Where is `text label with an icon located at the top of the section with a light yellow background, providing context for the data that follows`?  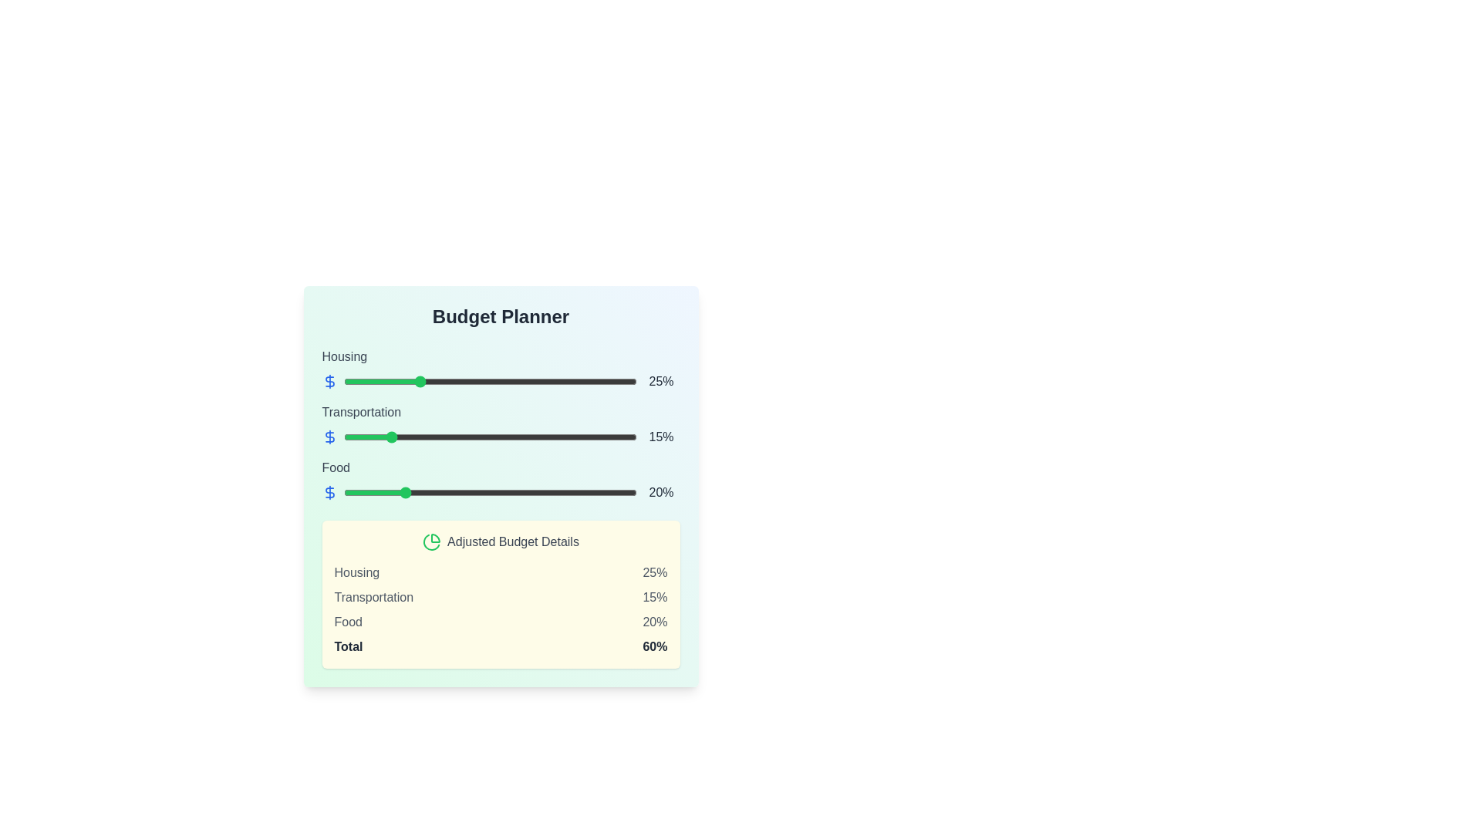 text label with an icon located at the top of the section with a light yellow background, providing context for the data that follows is located at coordinates (501, 541).